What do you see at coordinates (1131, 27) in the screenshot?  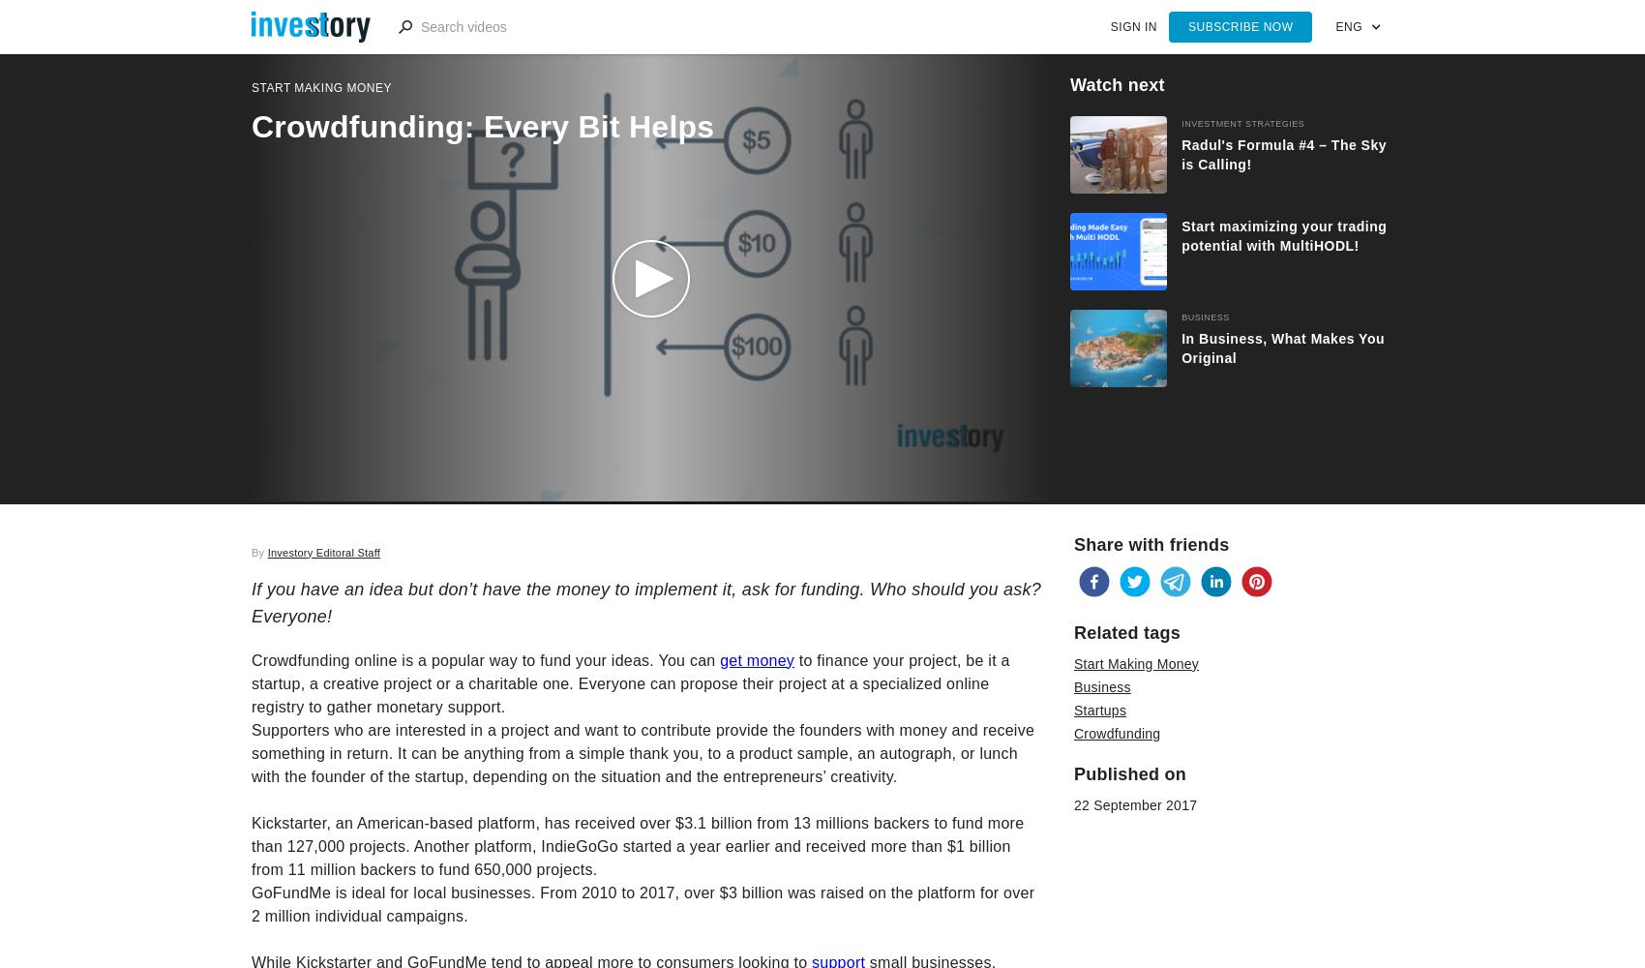 I see `'SIGN IN'` at bounding box center [1131, 27].